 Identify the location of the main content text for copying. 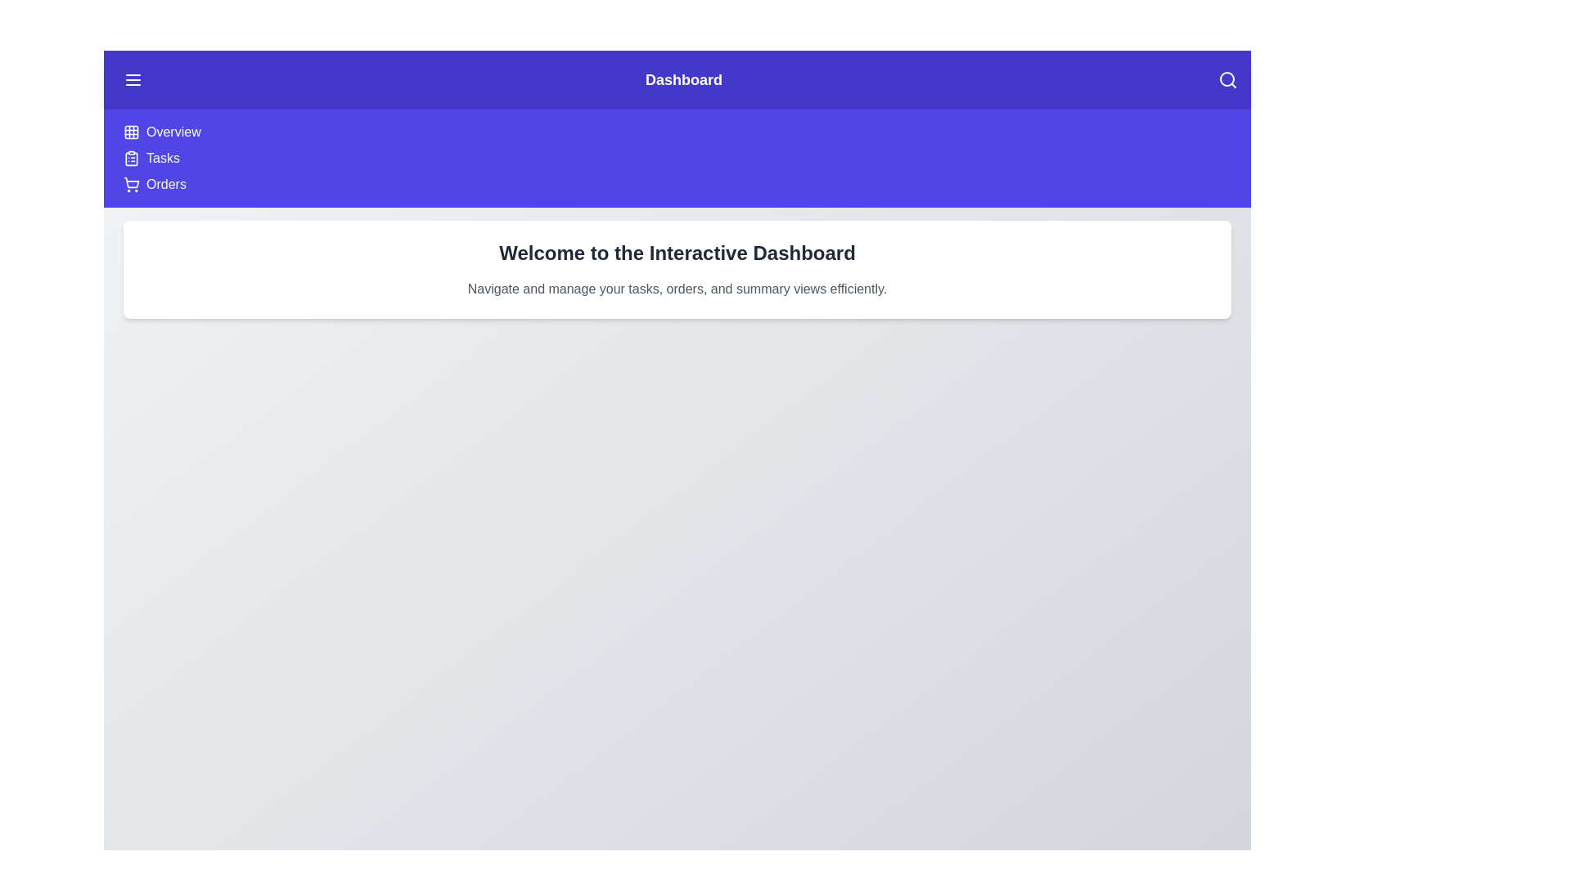
(142, 240).